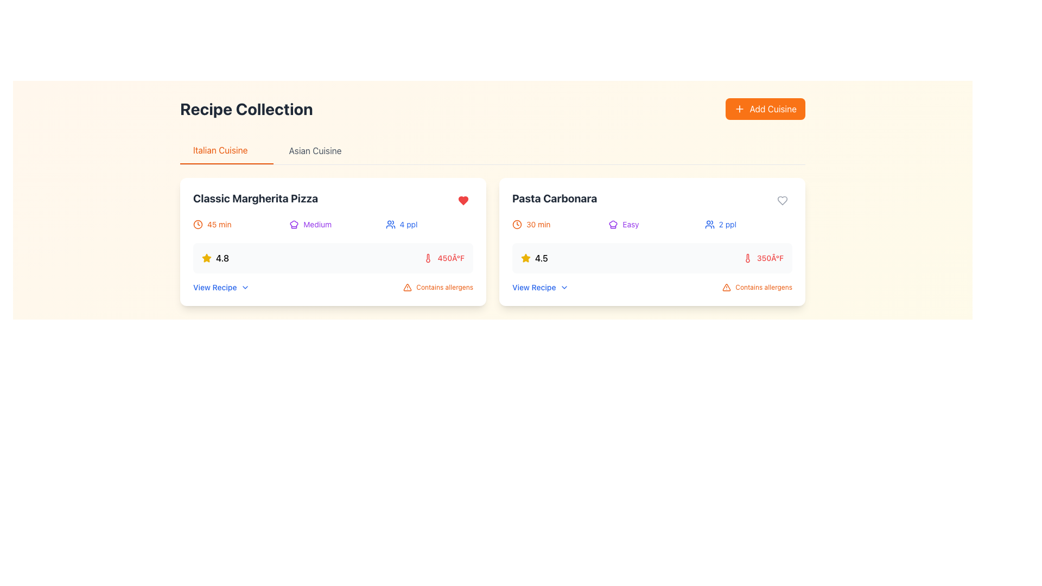  I want to click on the text label displaying '45 min', which indicates the cooking time for the recipe and is styled in orange, located near the top-left of the recipe card for 'Classic Margherita Pizza', so click(219, 224).